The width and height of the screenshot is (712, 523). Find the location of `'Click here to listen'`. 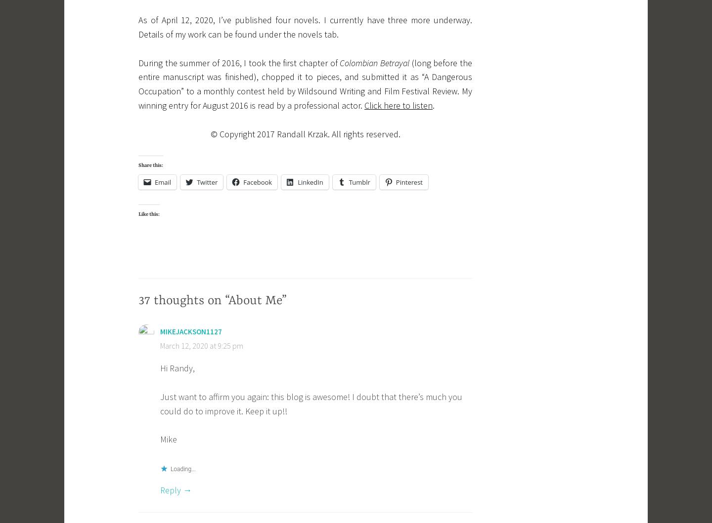

'Click here to listen' is located at coordinates (363, 105).